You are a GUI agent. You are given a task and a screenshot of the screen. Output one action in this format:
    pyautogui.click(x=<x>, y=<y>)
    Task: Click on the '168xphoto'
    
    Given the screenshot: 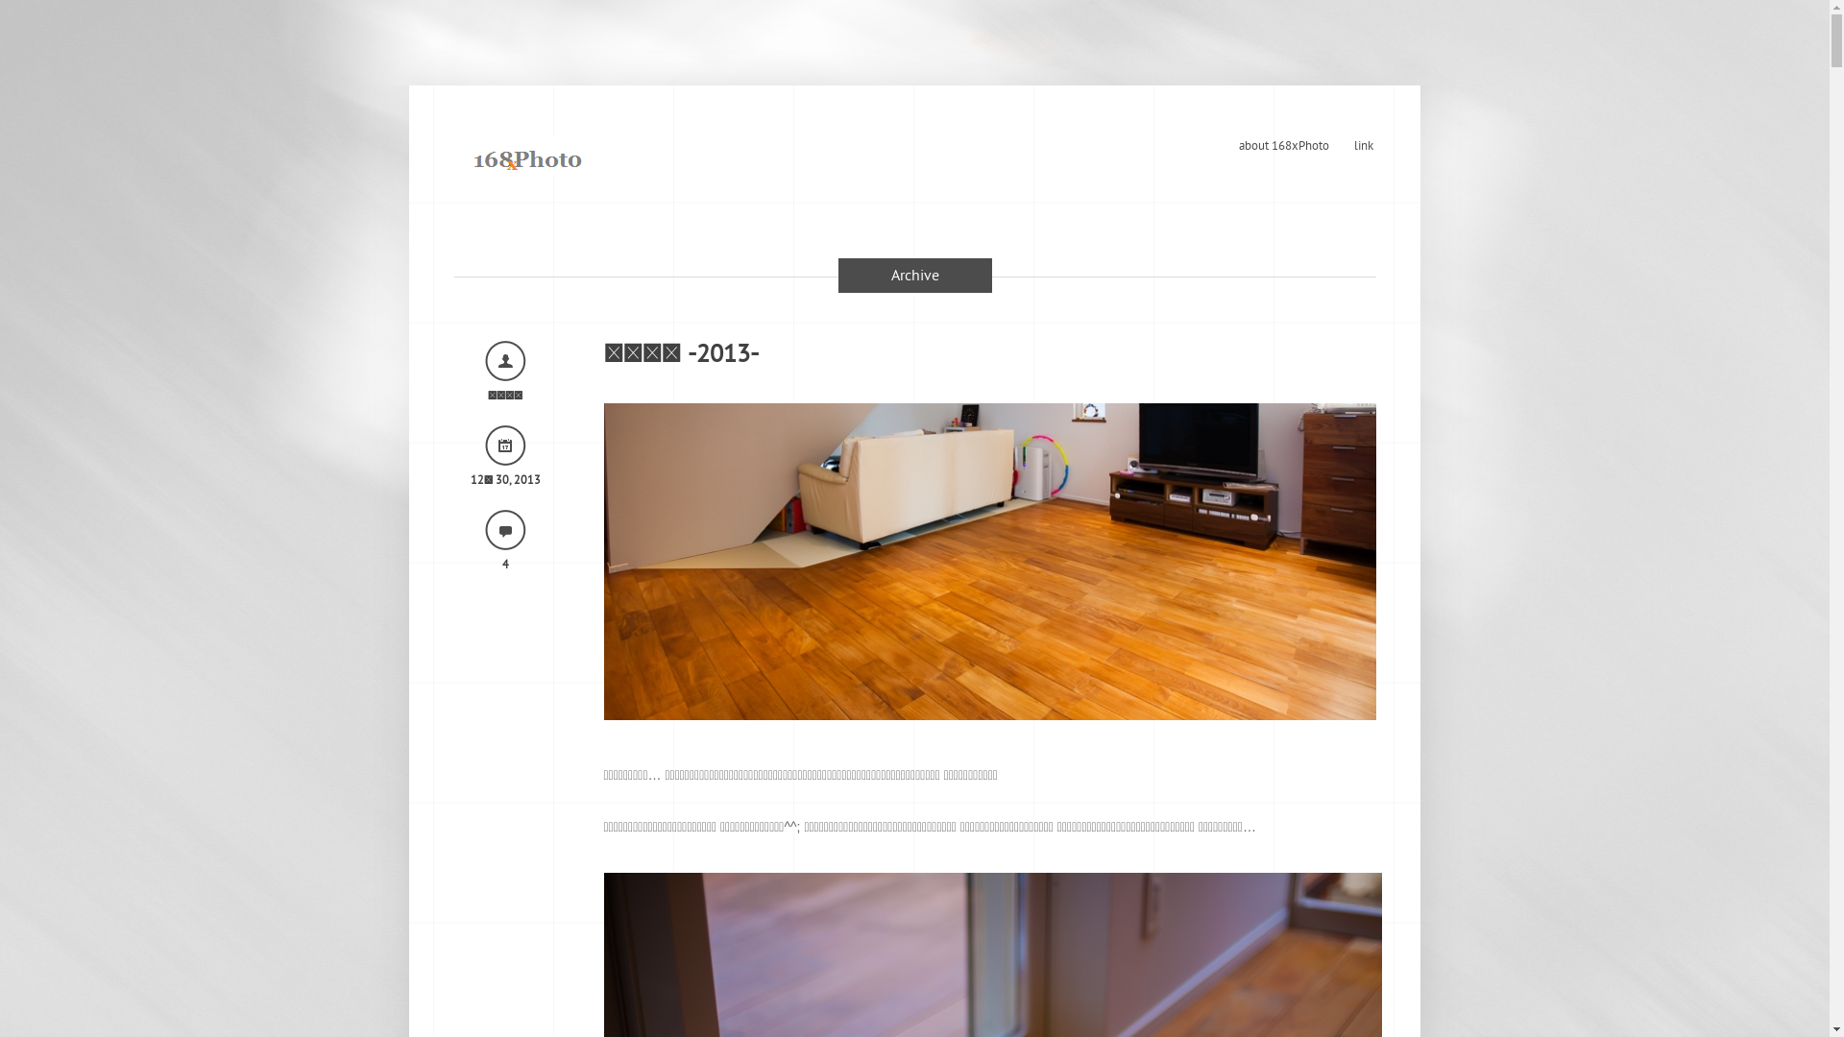 What is the action you would take?
    pyautogui.click(x=526, y=155)
    